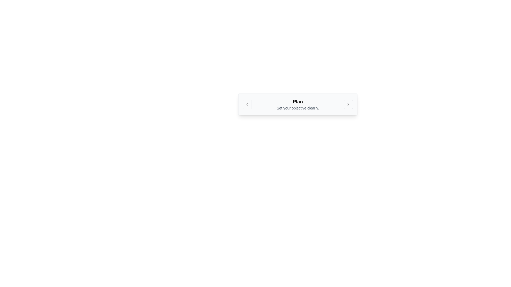 The height and width of the screenshot is (287, 511). Describe the element at coordinates (247, 104) in the screenshot. I see `the left-pointing chevron icon within the button located to the far left of the 'Plan' panel` at that location.